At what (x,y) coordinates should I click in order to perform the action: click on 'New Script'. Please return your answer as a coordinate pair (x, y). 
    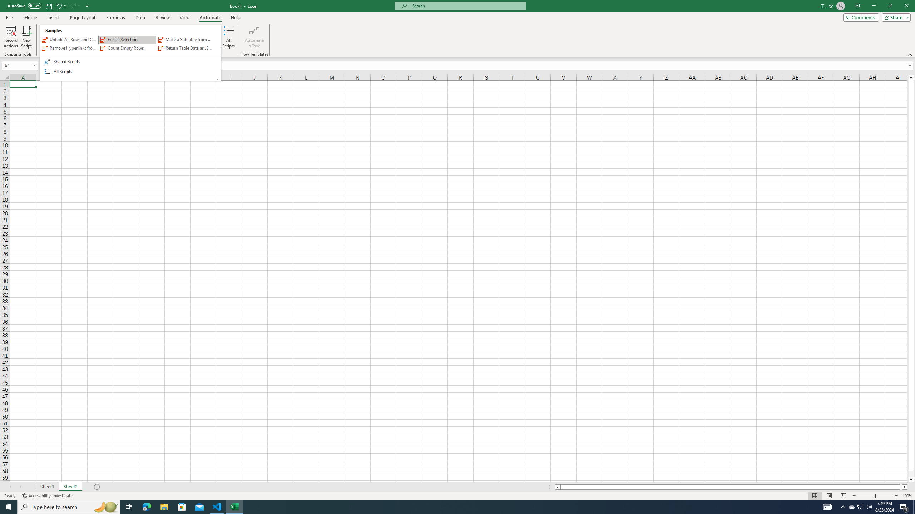
    Looking at the image, I should click on (26, 37).